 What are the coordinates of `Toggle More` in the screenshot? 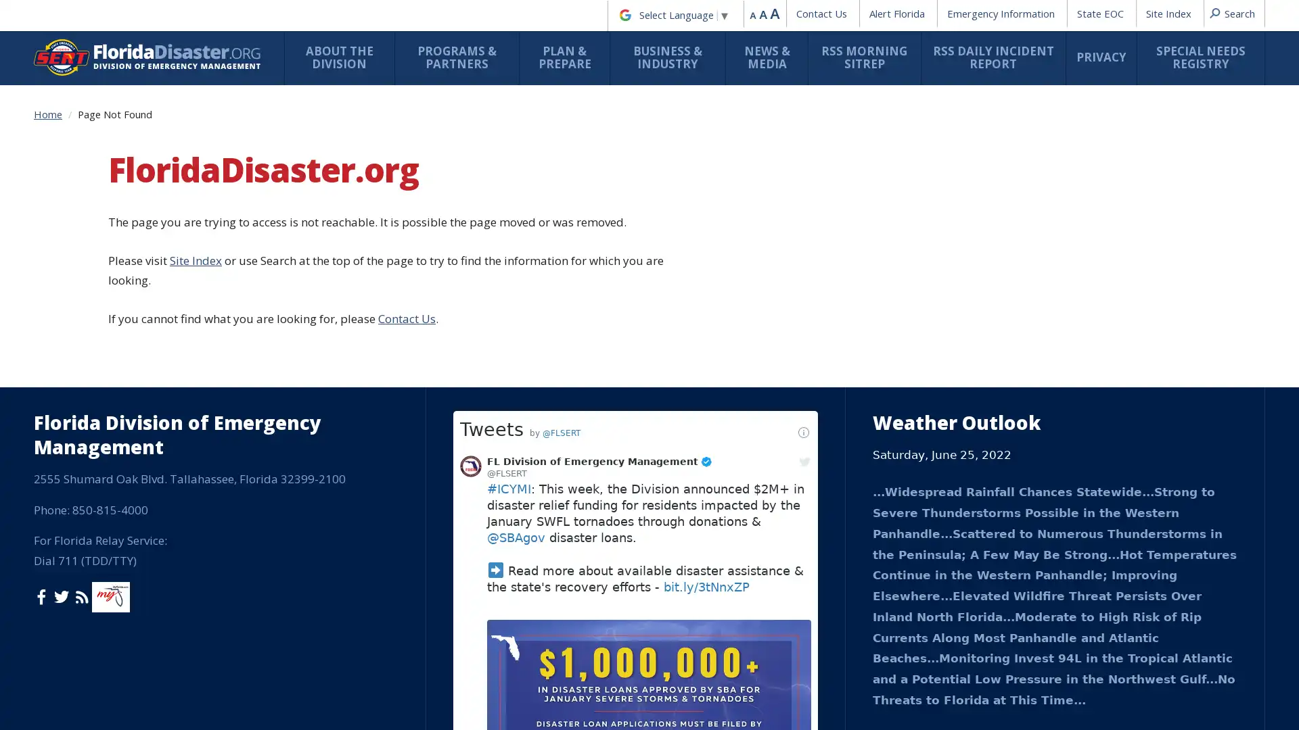 It's located at (542, 258).